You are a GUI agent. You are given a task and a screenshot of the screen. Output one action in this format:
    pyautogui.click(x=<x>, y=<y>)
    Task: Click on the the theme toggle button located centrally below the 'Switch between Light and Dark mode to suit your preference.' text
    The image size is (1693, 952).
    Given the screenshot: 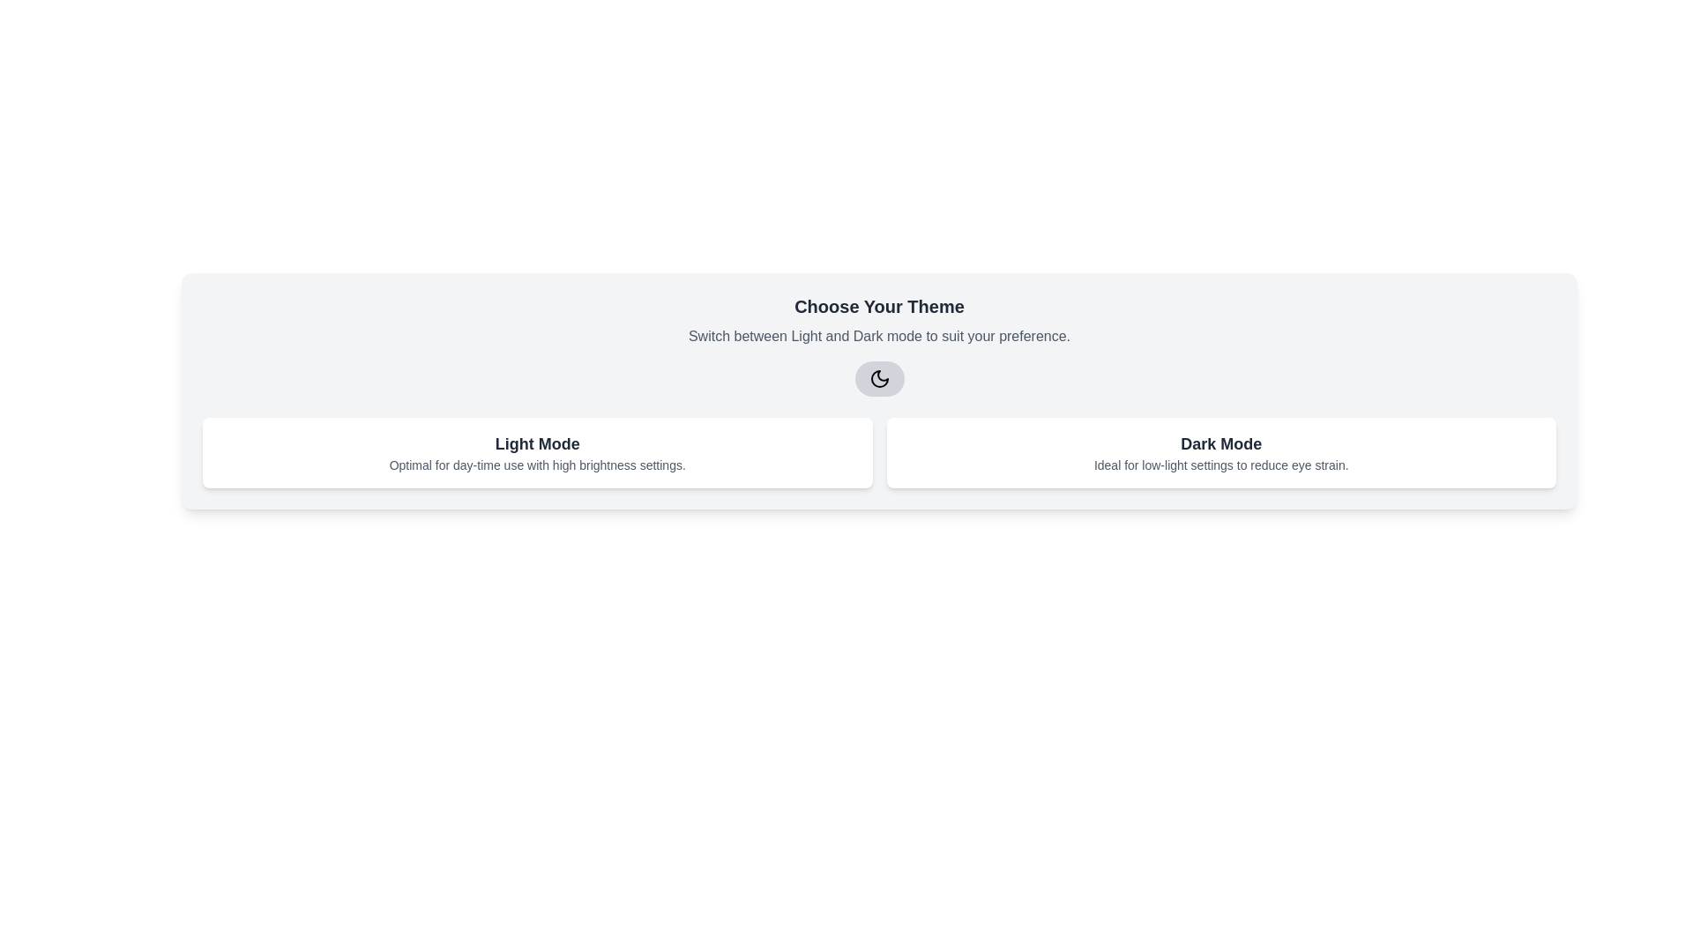 What is the action you would take?
    pyautogui.click(x=879, y=377)
    